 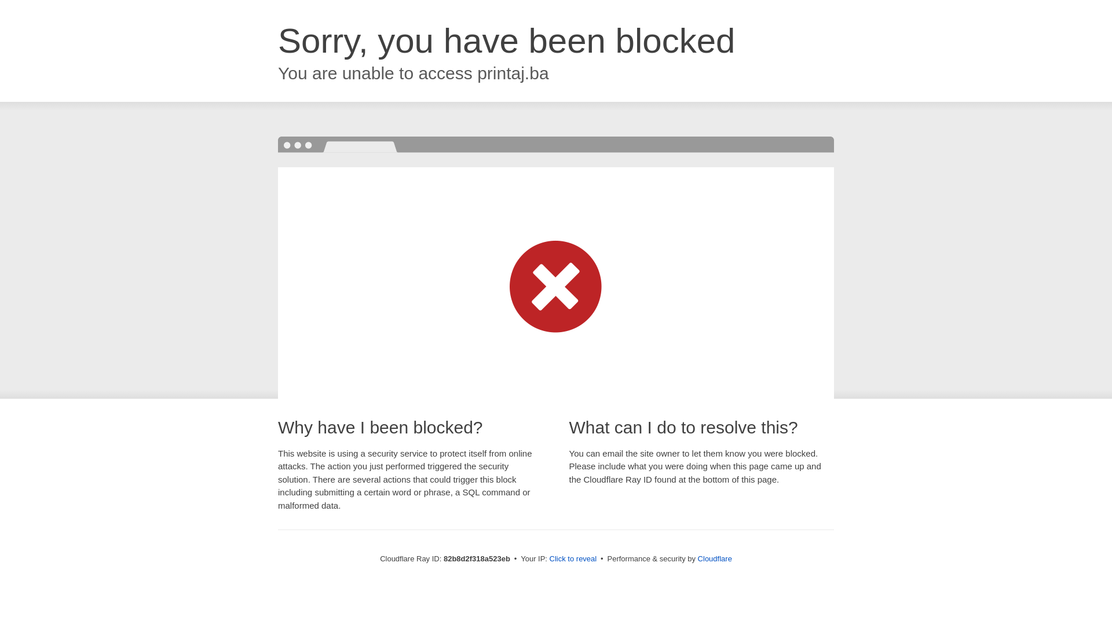 I want to click on 'Cloudflare', so click(x=714, y=558).